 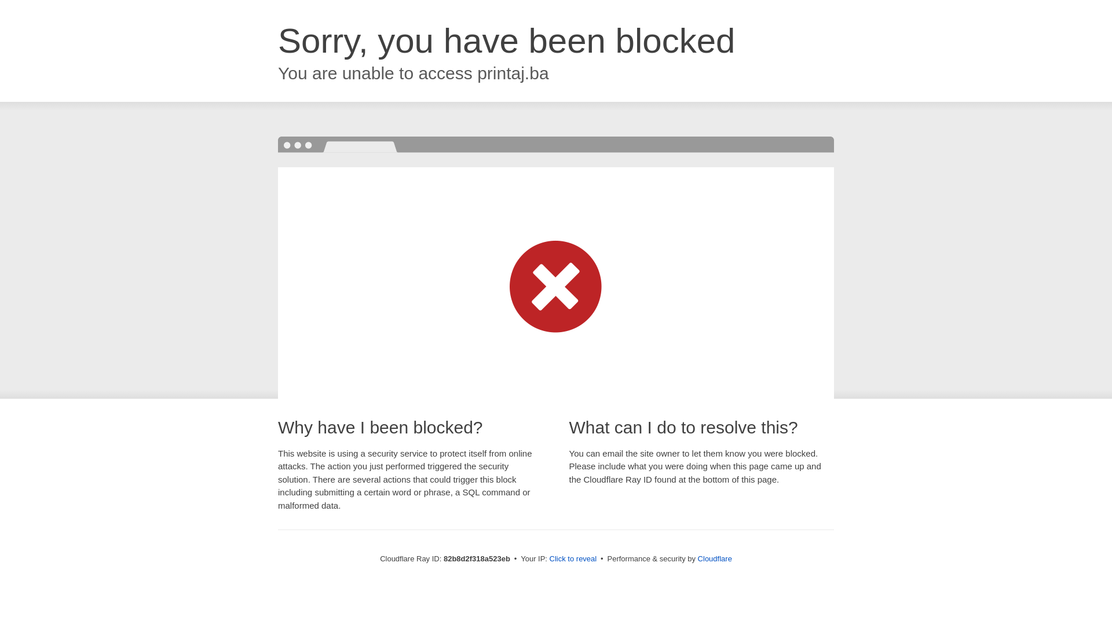 I want to click on 'Cloudflare', so click(x=714, y=558).